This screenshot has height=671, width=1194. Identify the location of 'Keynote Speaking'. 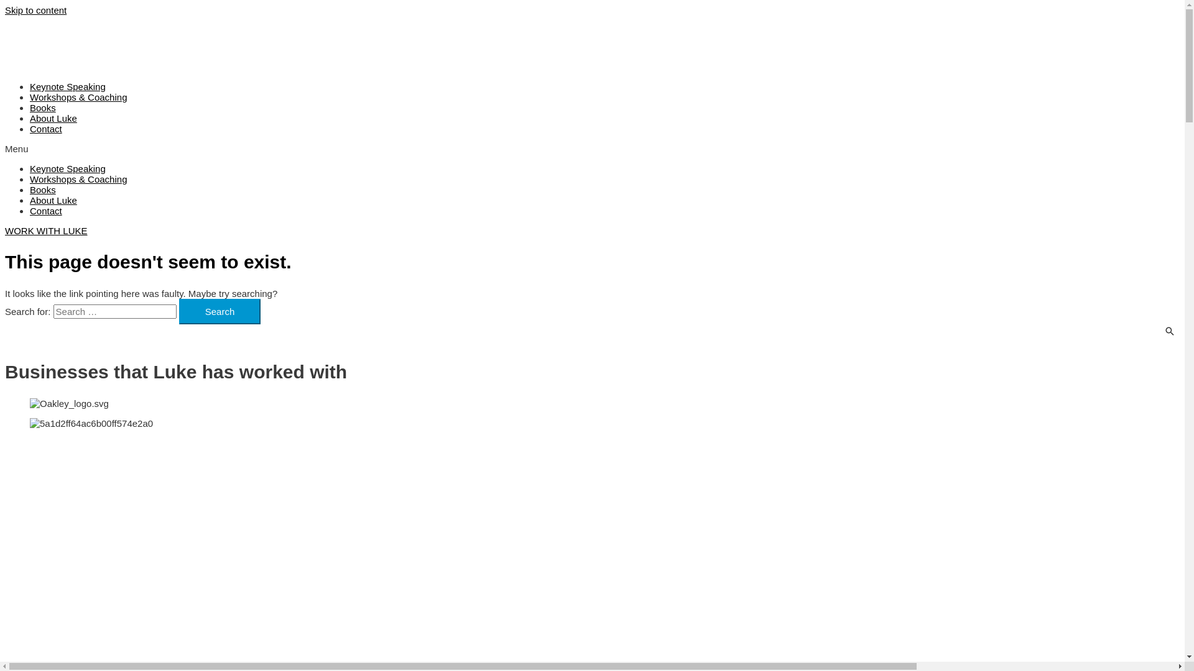
(30, 86).